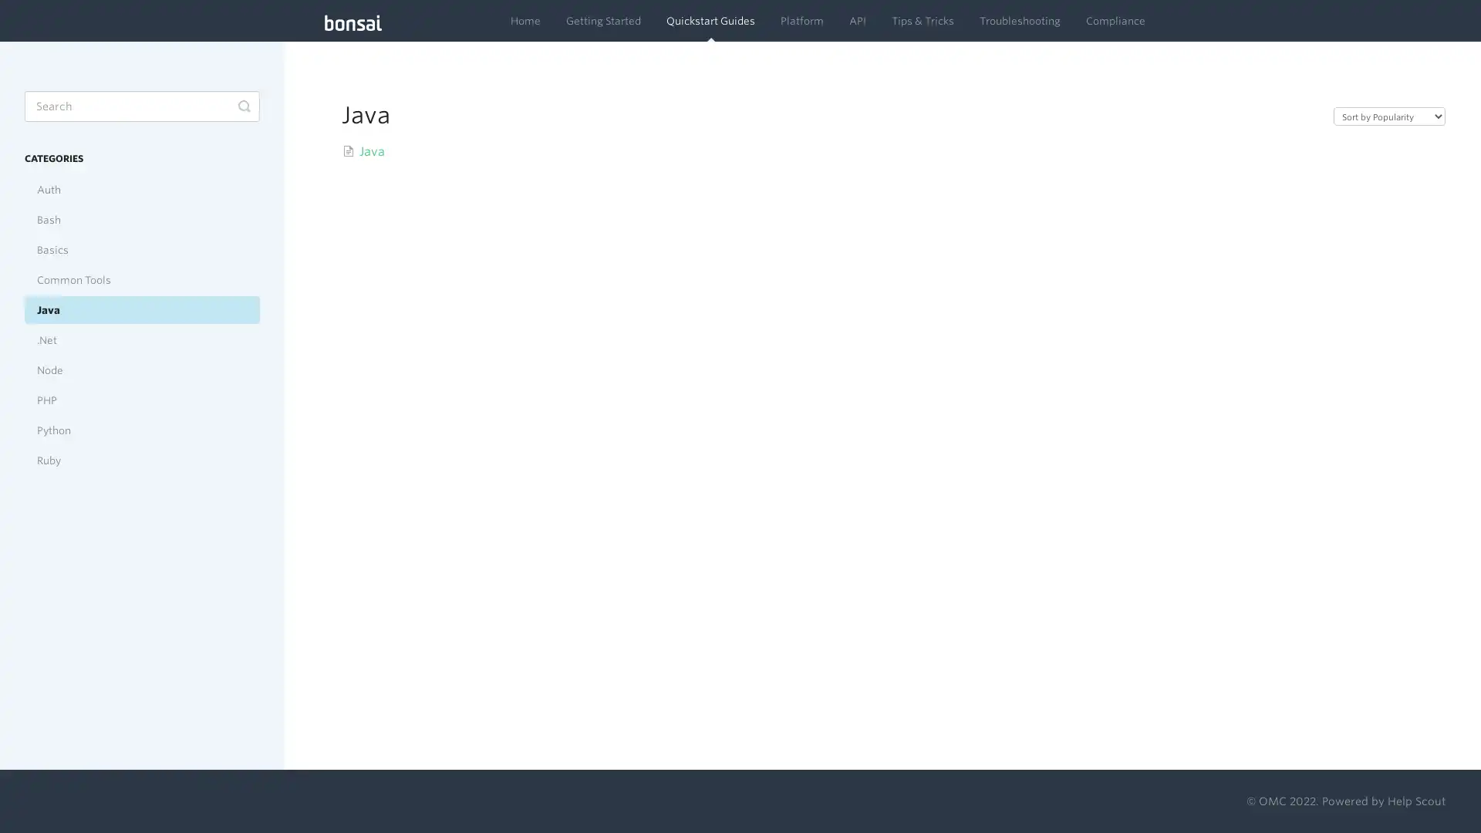  Describe the element at coordinates (243, 106) in the screenshot. I see `Toggle Search` at that location.